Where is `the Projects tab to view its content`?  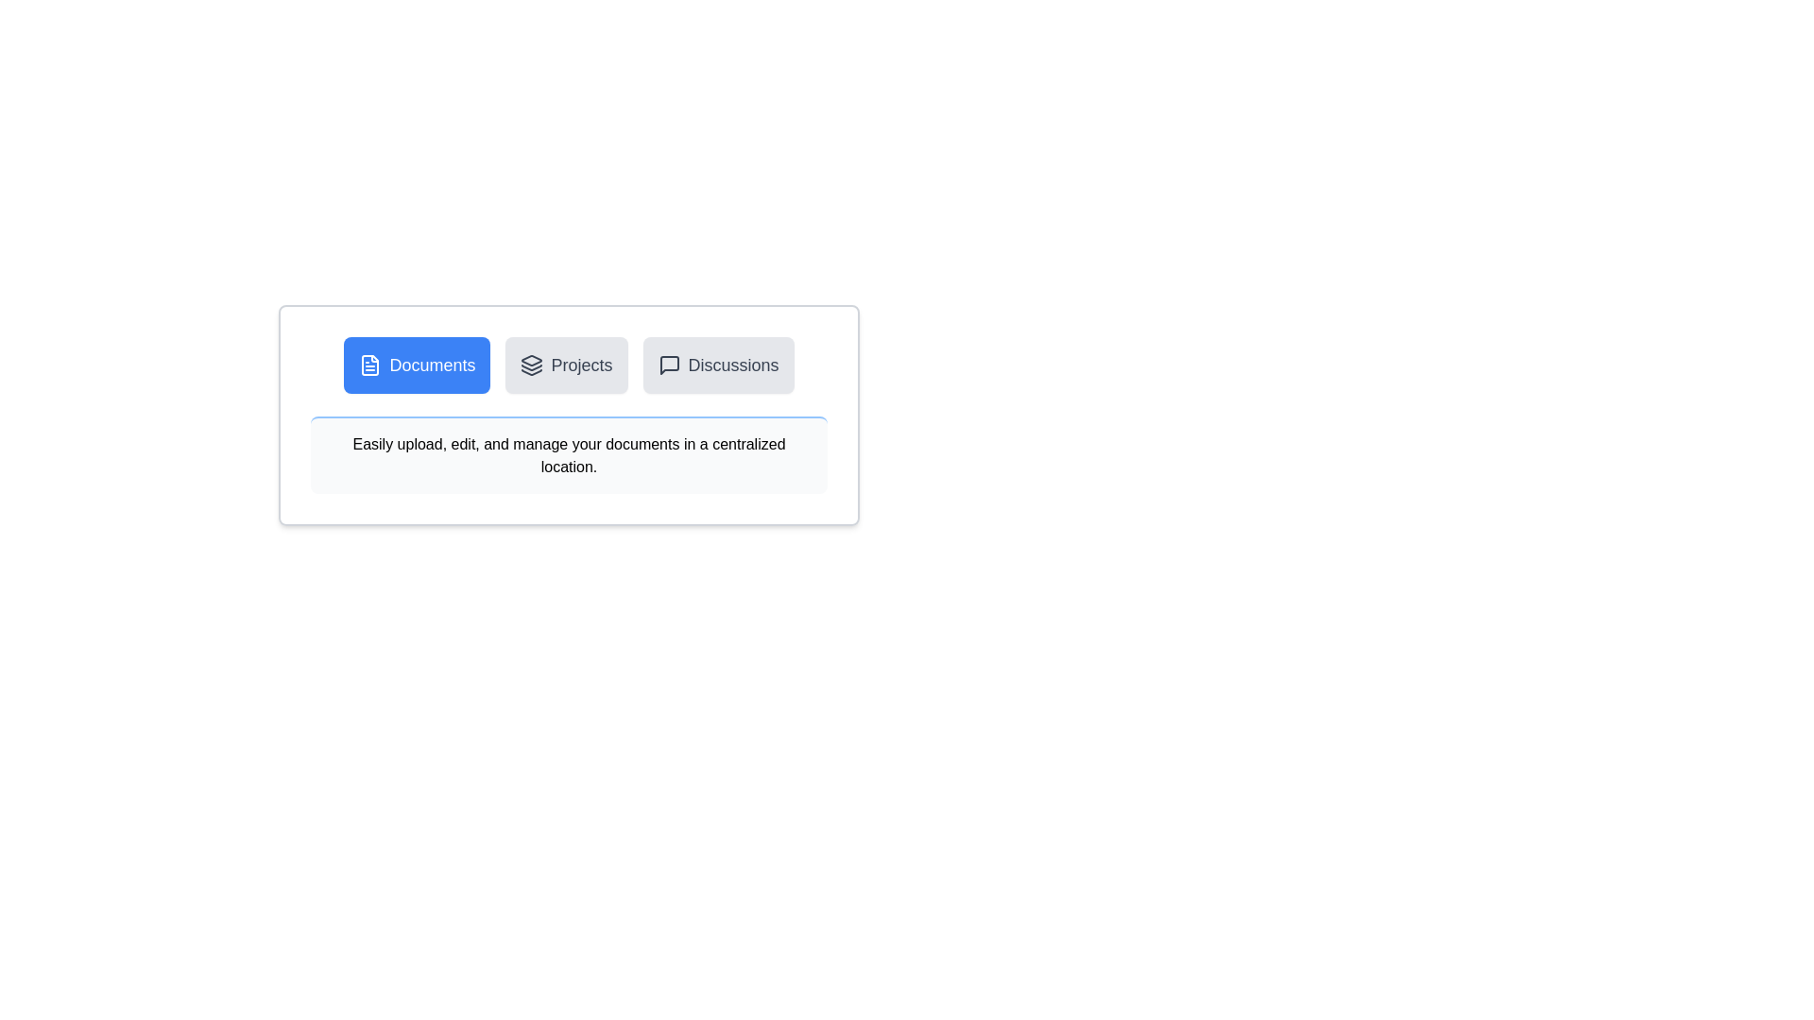
the Projects tab to view its content is located at coordinates (566, 365).